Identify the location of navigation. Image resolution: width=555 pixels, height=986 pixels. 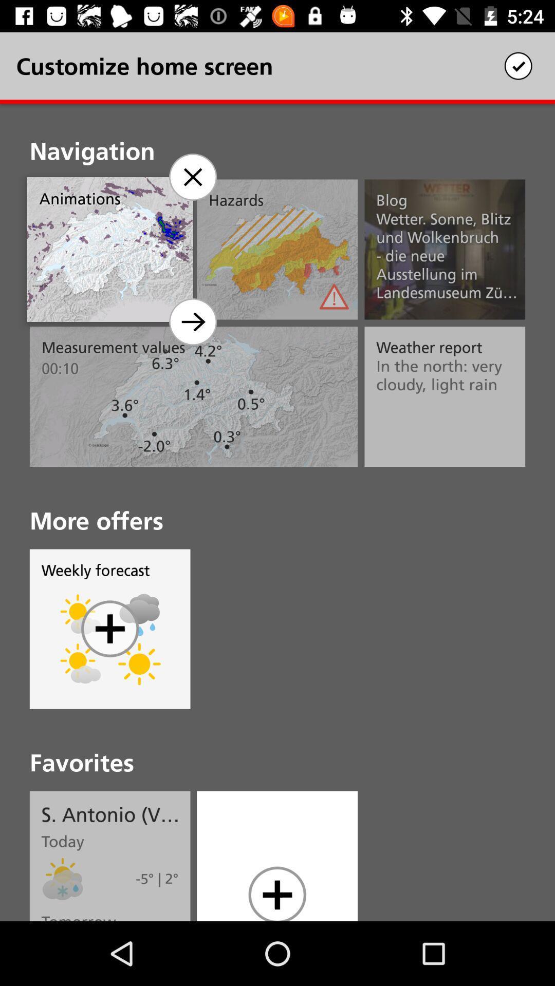
(192, 177).